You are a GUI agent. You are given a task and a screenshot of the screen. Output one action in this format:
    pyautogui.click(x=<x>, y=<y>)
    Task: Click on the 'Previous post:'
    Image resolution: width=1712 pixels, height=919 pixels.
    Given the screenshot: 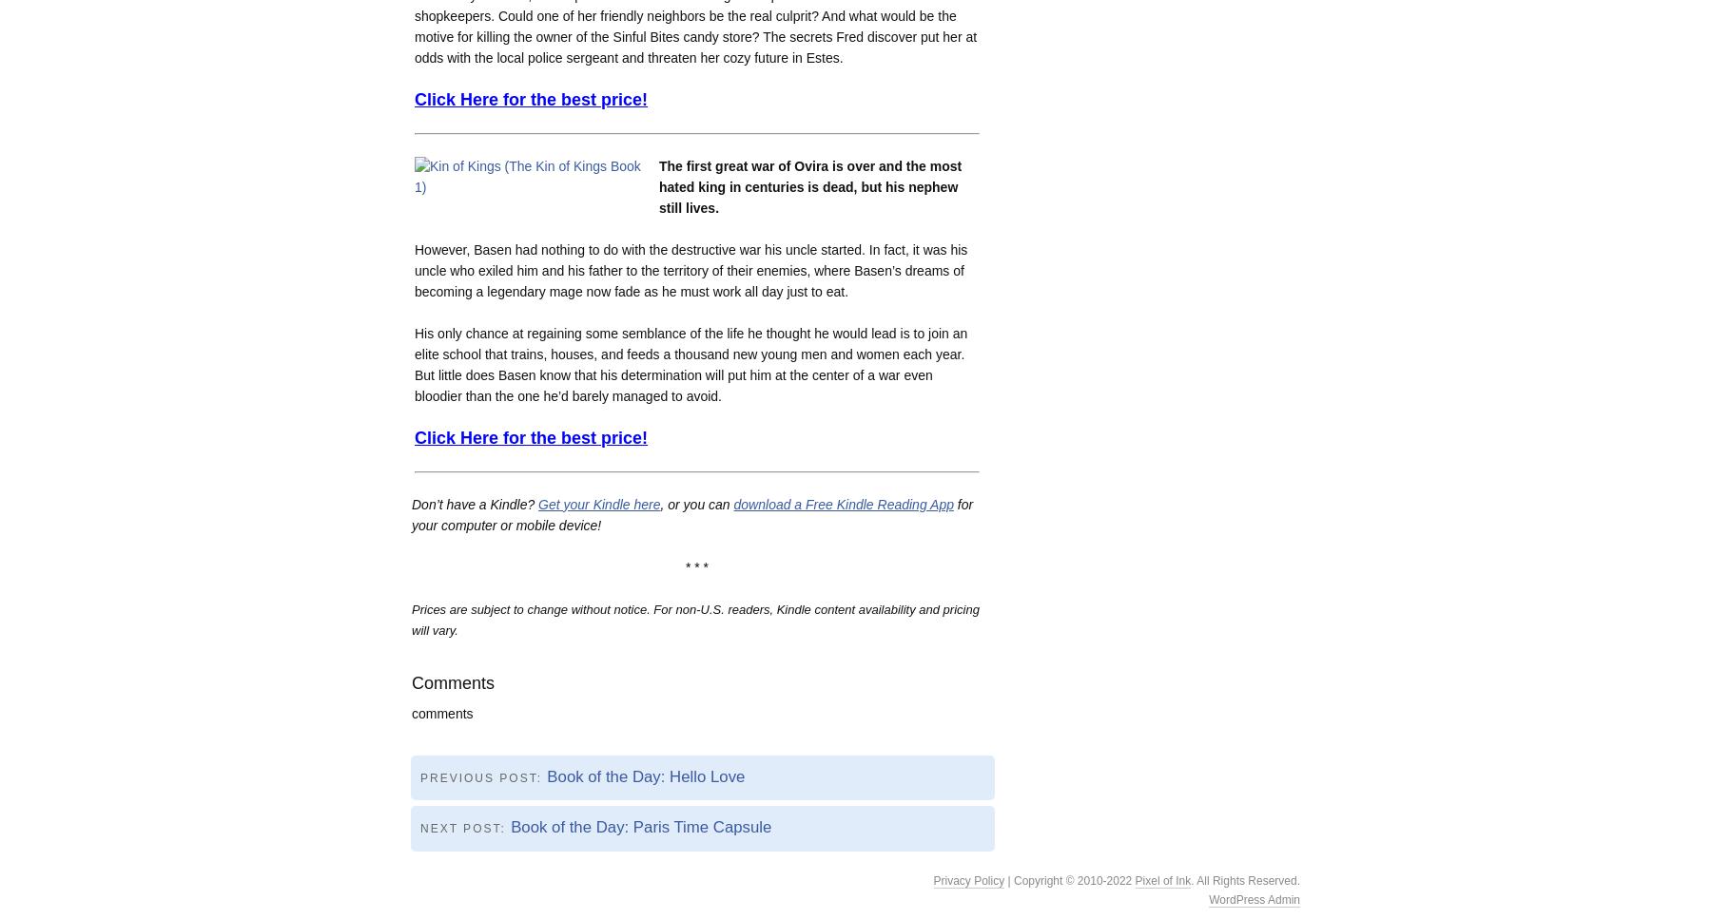 What is the action you would take?
    pyautogui.click(x=482, y=775)
    